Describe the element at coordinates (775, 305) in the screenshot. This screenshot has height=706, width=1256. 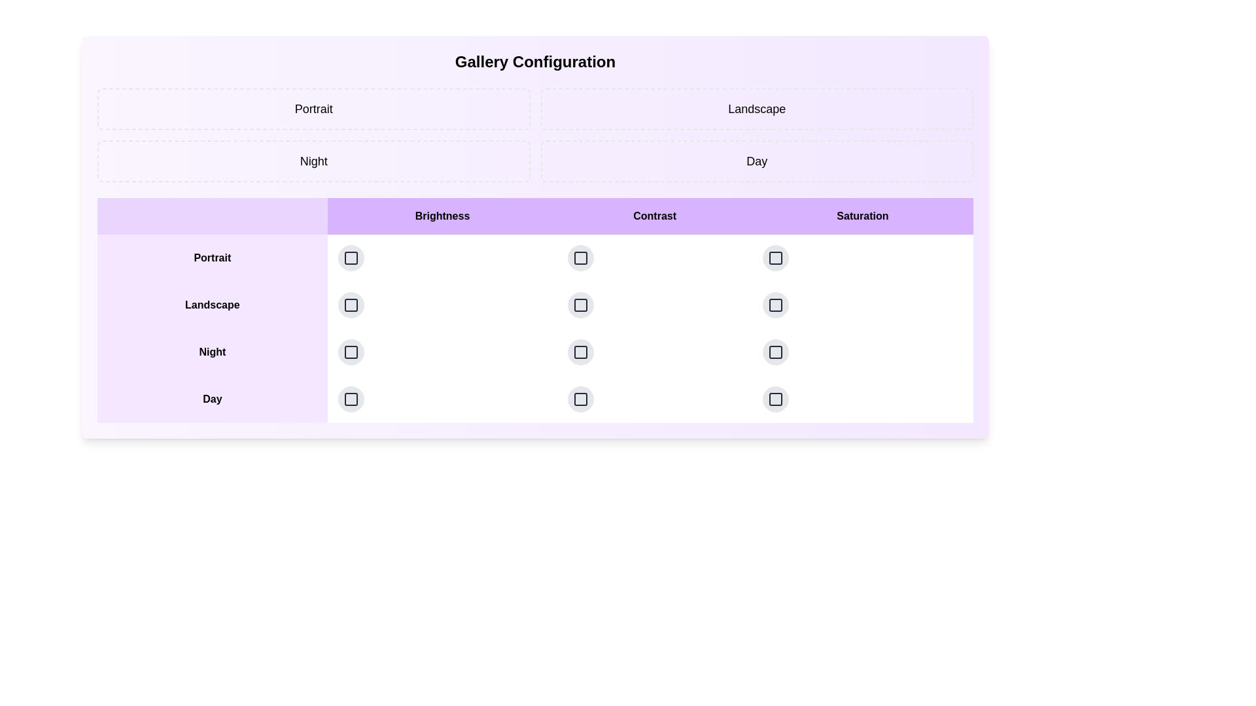
I see `the small, square-shaped interactive button with rounded corners` at that location.